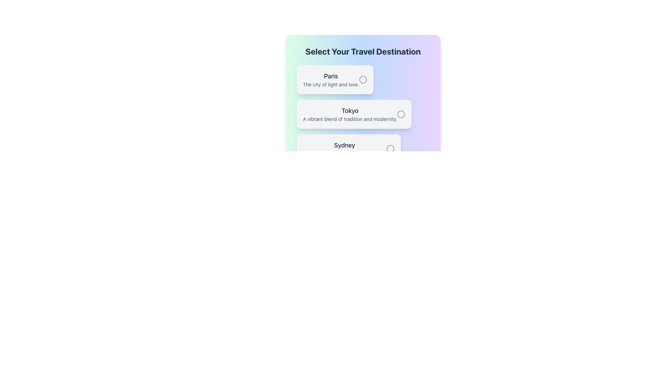  Describe the element at coordinates (350, 118) in the screenshot. I see `the static text element that reads 'A vibrant blend of tradition and modernity', located directly below the 'Tokyo' heading in the 'Select Your Travel Destination' section` at that location.